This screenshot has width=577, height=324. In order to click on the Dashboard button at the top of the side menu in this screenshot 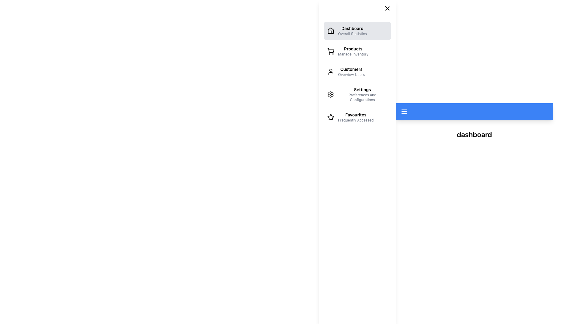, I will do `click(357, 31)`.